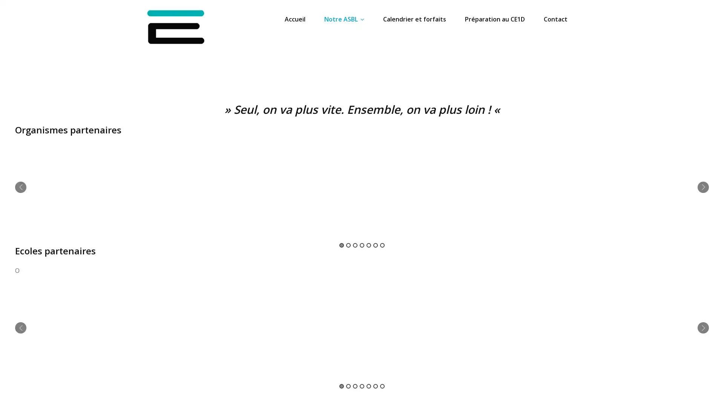 The image size is (724, 407). What do you see at coordinates (20, 327) in the screenshot?
I see `Previous` at bounding box center [20, 327].